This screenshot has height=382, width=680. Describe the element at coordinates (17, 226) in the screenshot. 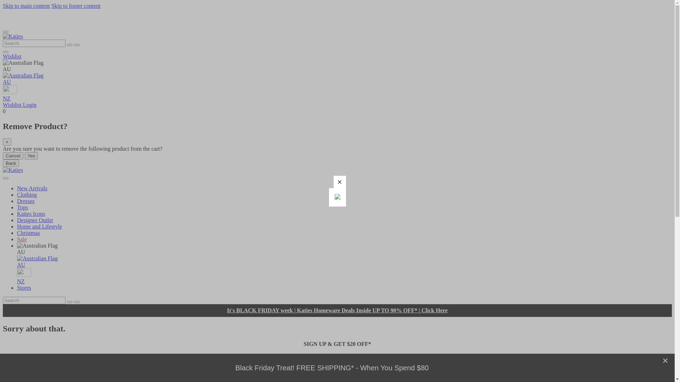

I see `'Home and Lifestyle'` at that location.